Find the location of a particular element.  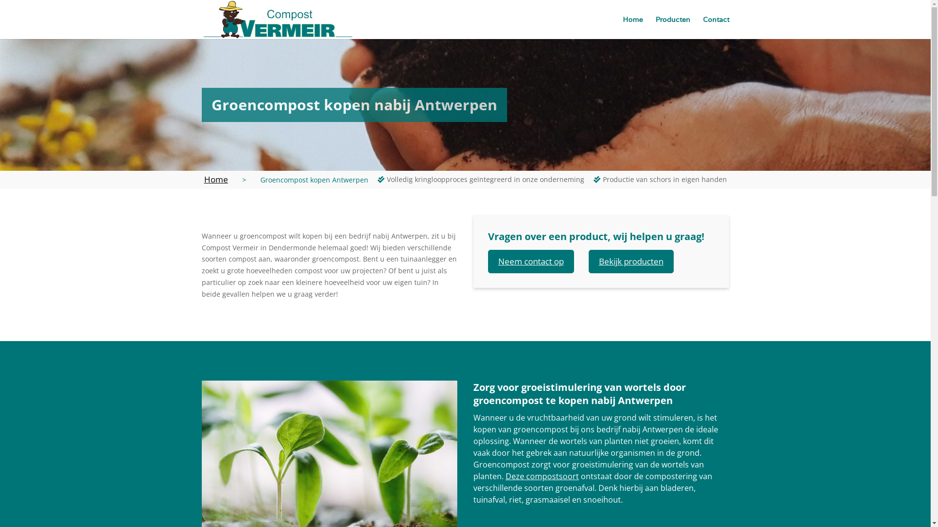

'Home' is located at coordinates (632, 19).